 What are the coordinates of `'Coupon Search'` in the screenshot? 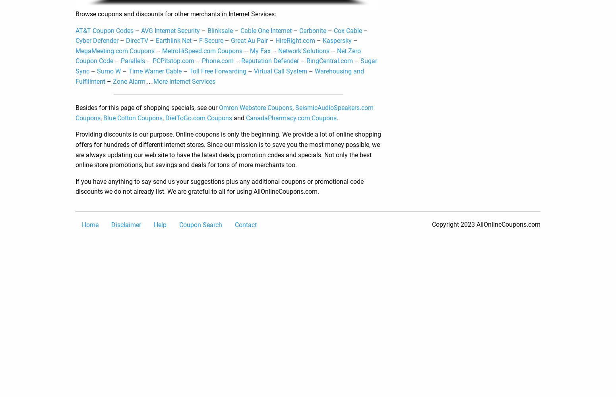 It's located at (200, 224).